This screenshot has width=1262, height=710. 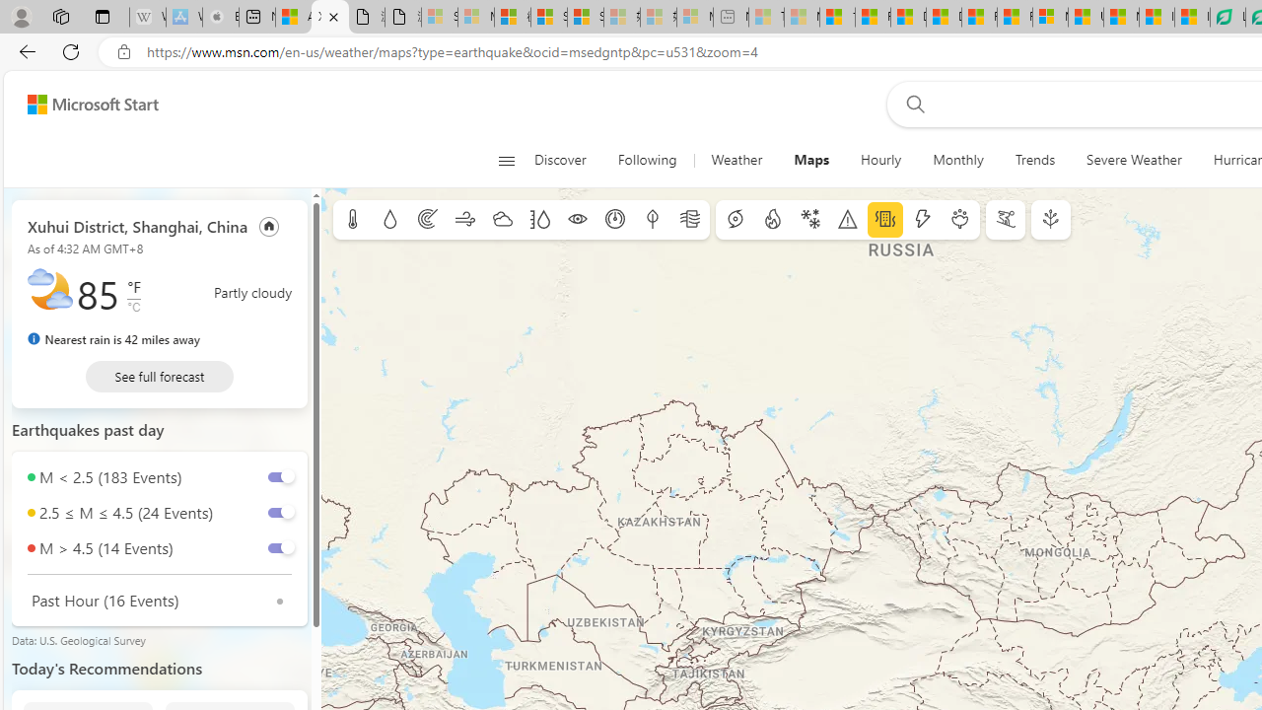 I want to click on 'Air quality', so click(x=690, y=220).